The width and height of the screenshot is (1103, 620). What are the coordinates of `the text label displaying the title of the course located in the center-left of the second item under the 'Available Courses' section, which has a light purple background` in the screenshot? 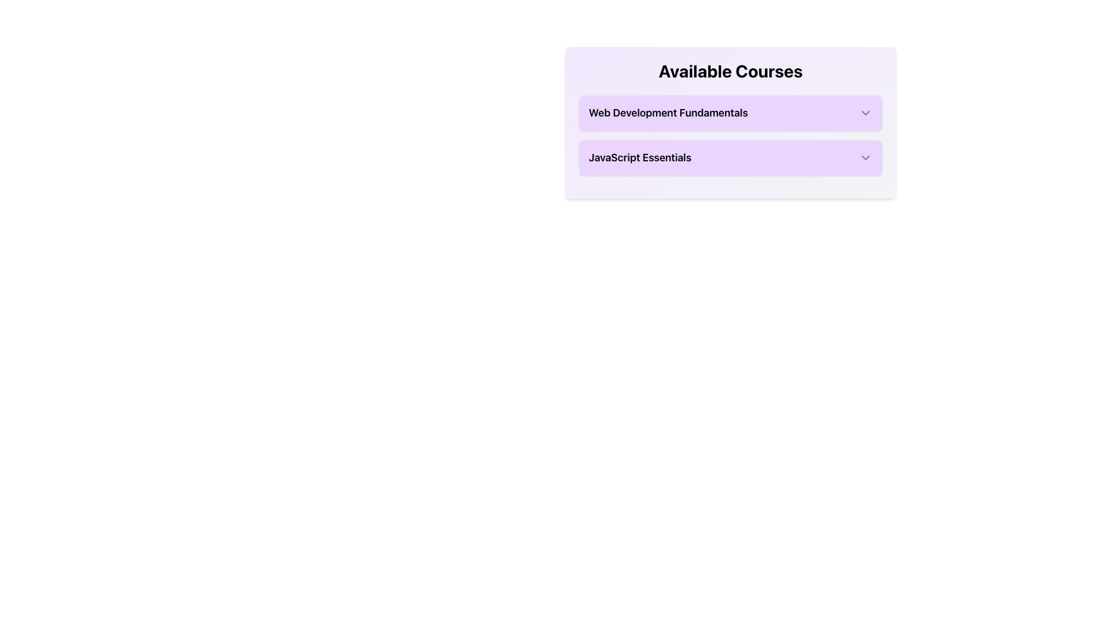 It's located at (639, 157).